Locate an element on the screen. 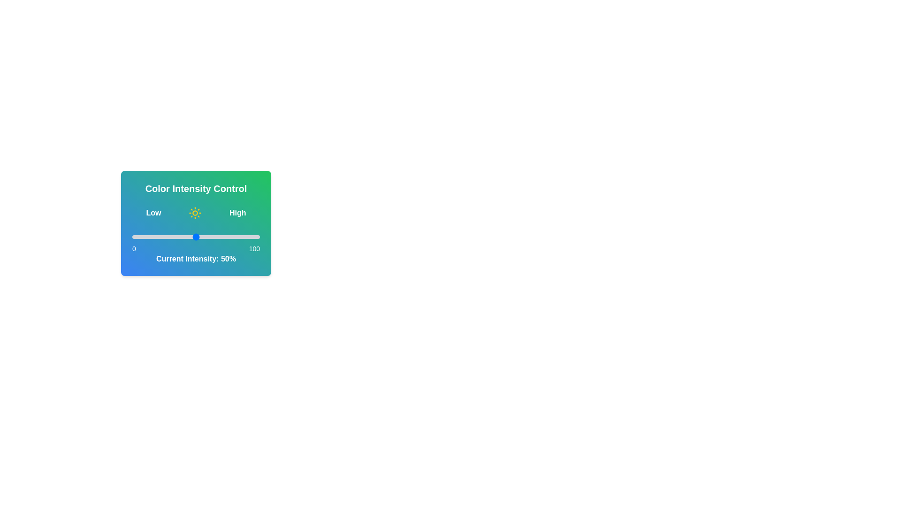 The height and width of the screenshot is (507, 901). the color intensity is located at coordinates (248, 237).